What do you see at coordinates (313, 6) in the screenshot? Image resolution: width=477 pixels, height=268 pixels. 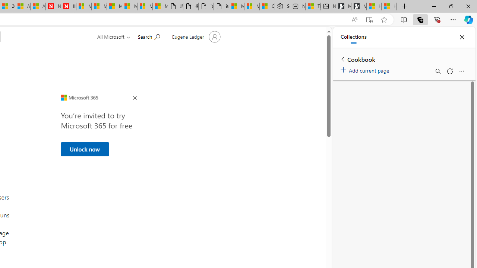 I see `'Three Ways To Stop Sweating So Much'` at bounding box center [313, 6].